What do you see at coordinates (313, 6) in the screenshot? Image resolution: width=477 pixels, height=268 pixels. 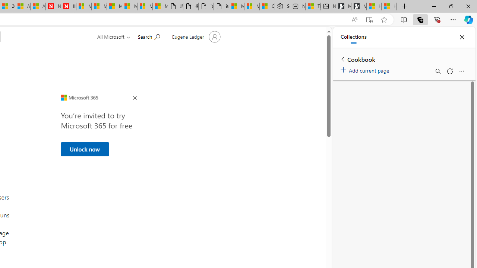 I see `'Three Ways To Stop Sweating So Much'` at bounding box center [313, 6].